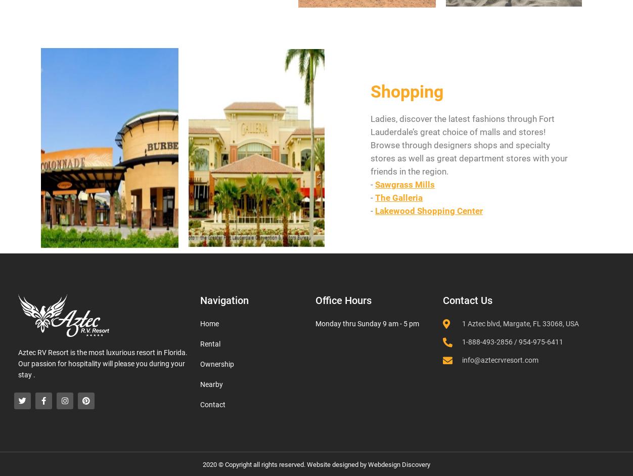  I want to click on 'The Galleria', so click(375, 197).